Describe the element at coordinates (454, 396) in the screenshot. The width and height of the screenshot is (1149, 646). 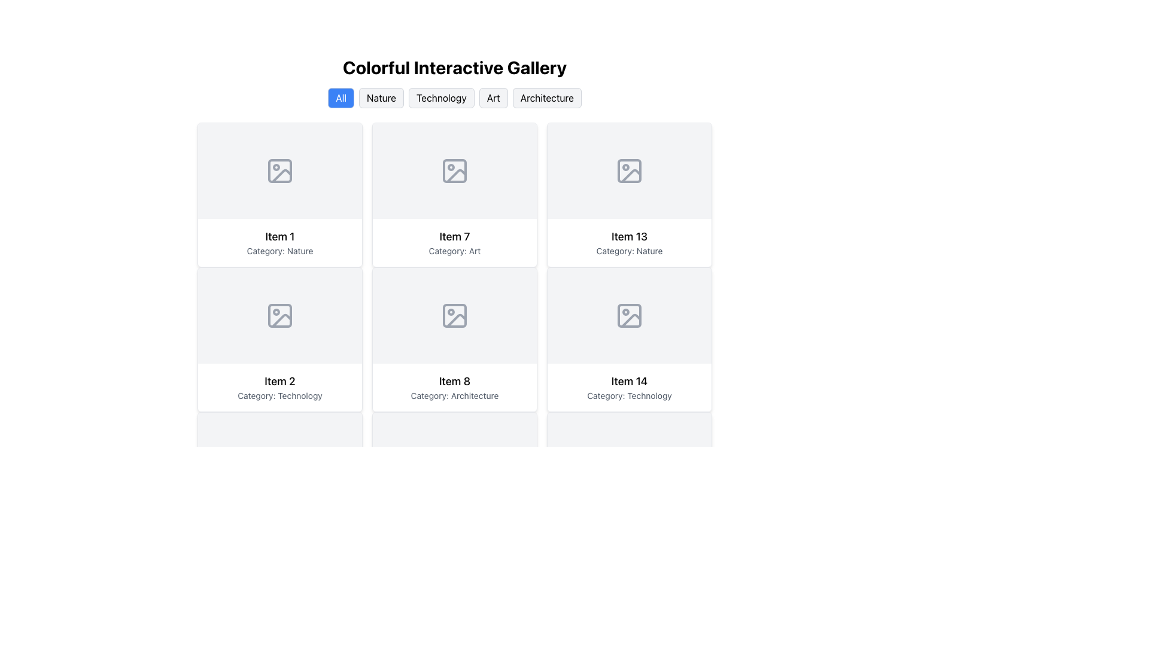
I see `the non-interactive text label indicating the category of the item presented within the card, located below 'Item 8' in the third card of the second row in the grid-style gallery interface` at that location.